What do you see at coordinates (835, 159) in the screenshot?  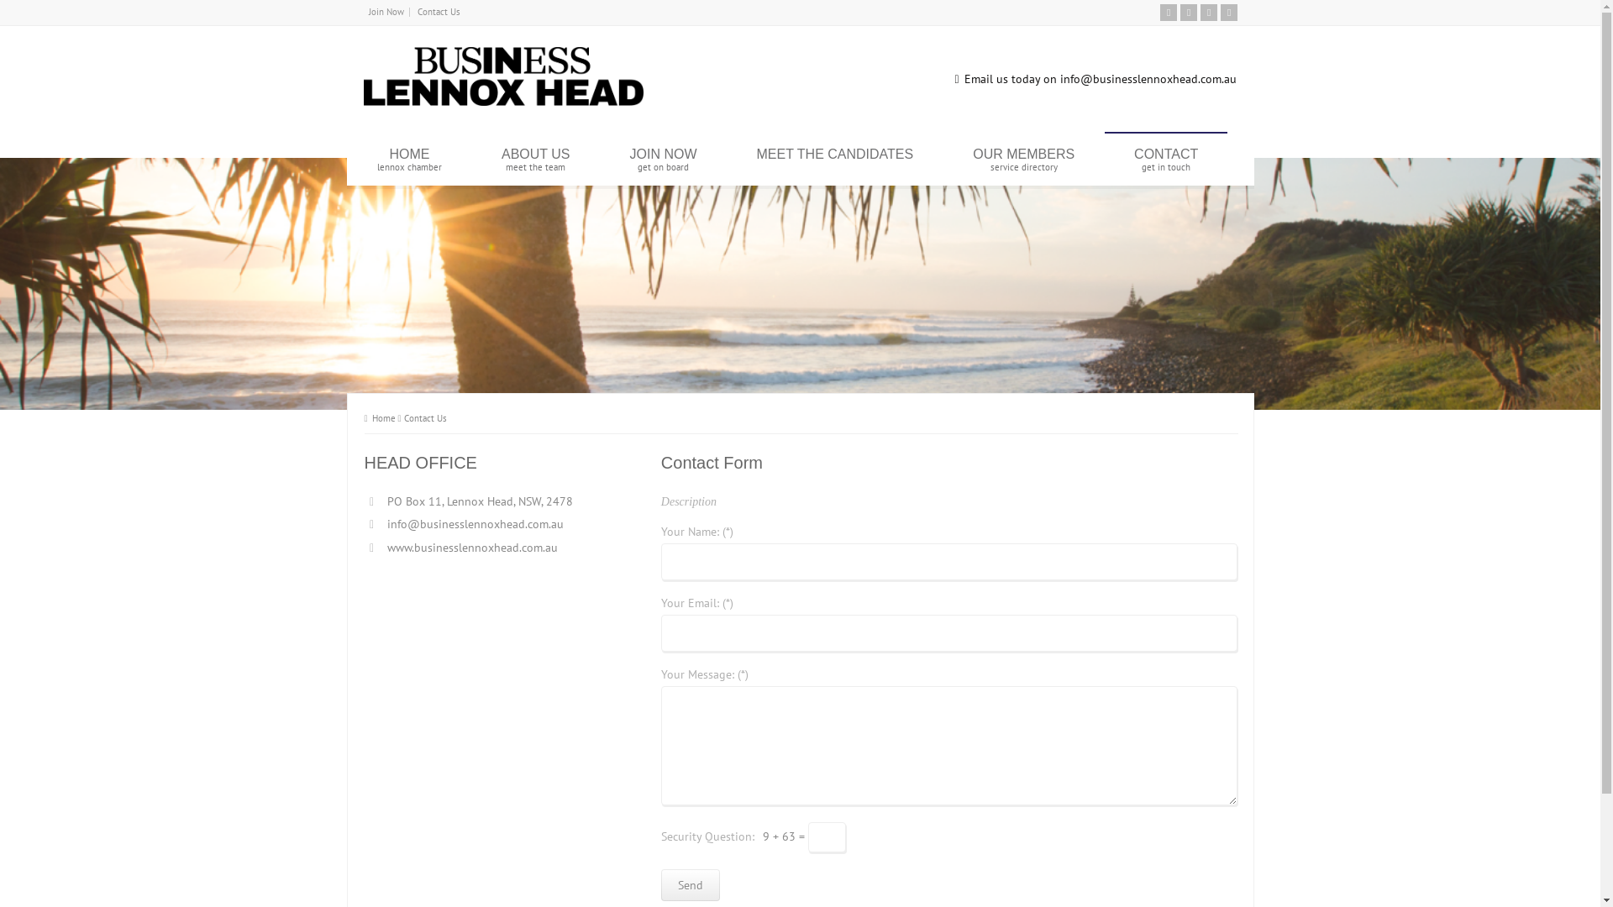 I see `'MEET THE CANDIDATES` at bounding box center [835, 159].